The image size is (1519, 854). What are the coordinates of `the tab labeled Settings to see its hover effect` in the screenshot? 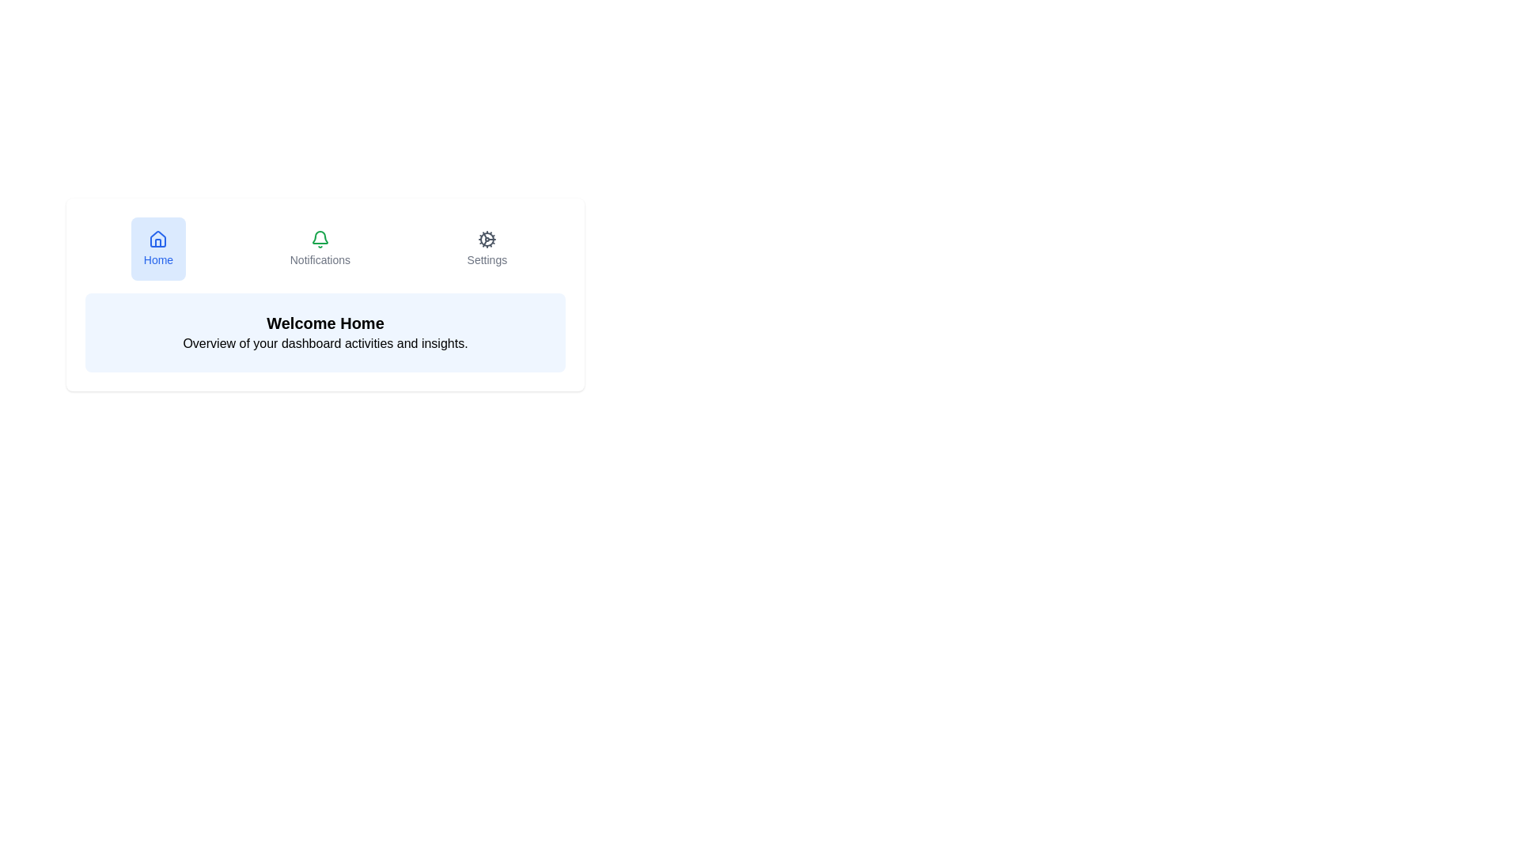 It's located at (485, 249).